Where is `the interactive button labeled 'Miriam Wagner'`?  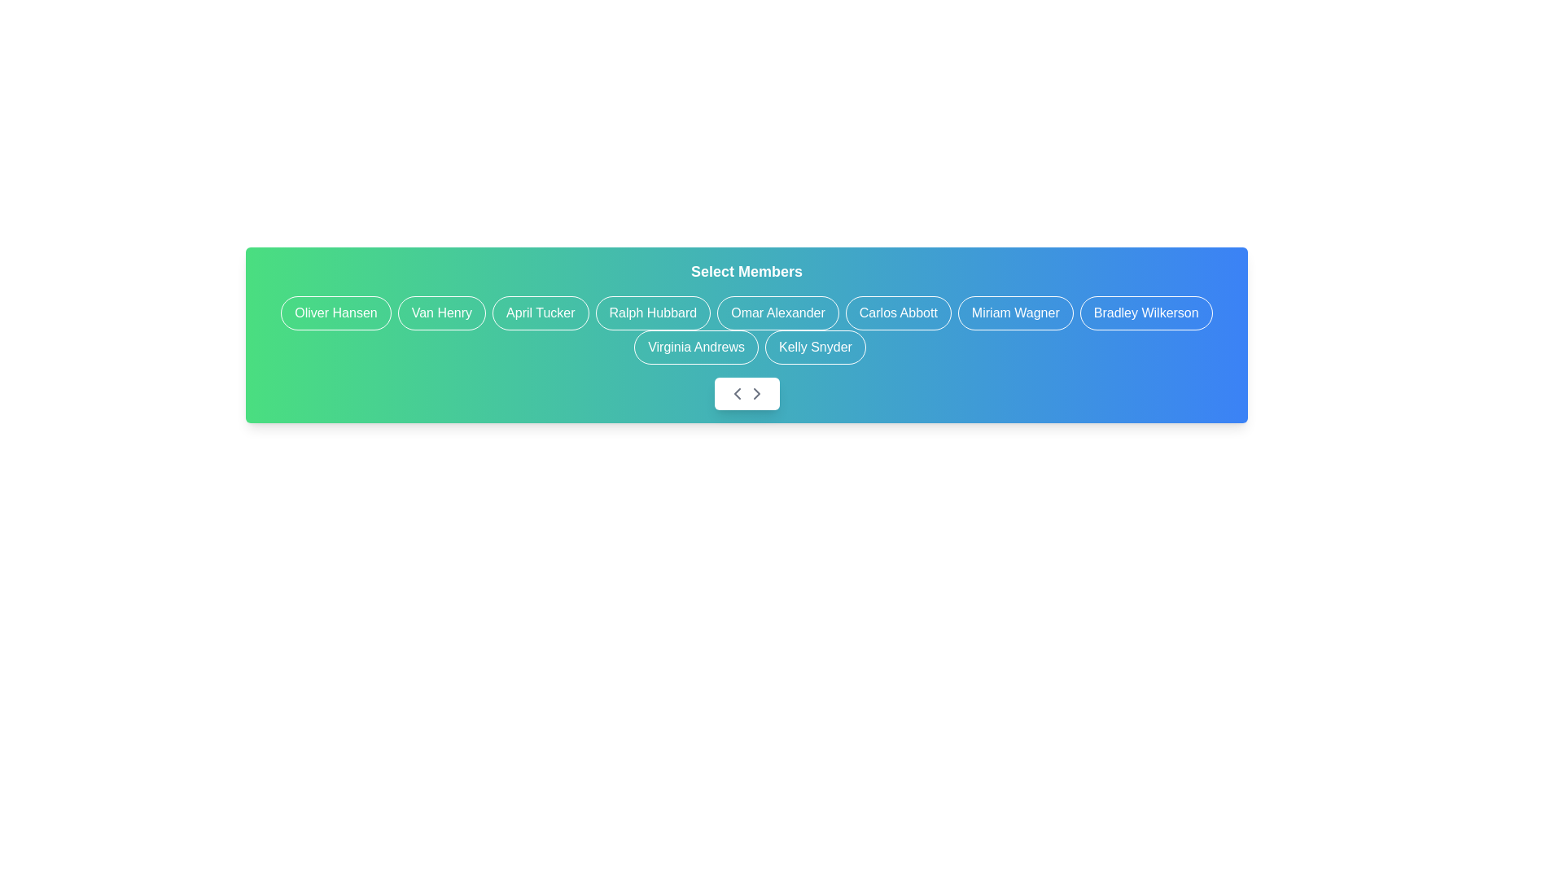 the interactive button labeled 'Miriam Wagner' is located at coordinates (1014, 313).